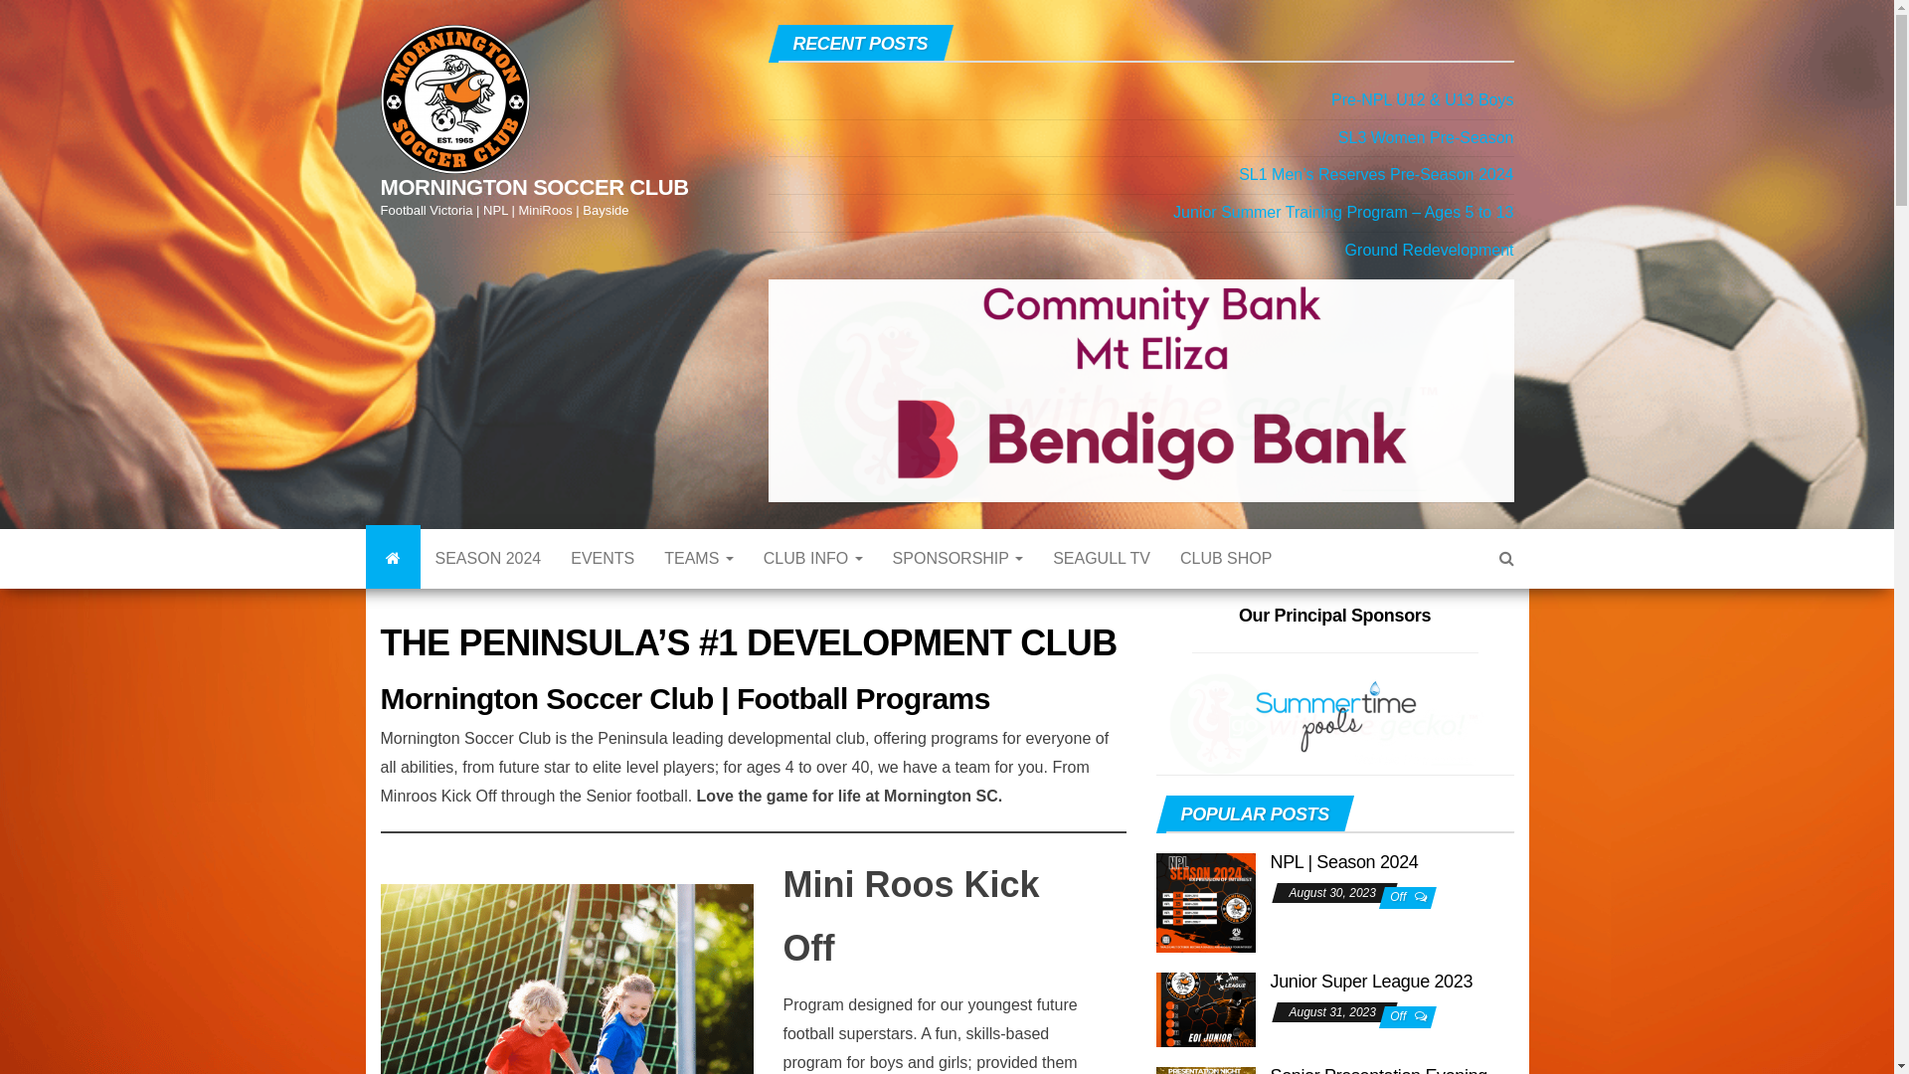  What do you see at coordinates (1101, 586) in the screenshot?
I see `'SEAGULL TV'` at bounding box center [1101, 586].